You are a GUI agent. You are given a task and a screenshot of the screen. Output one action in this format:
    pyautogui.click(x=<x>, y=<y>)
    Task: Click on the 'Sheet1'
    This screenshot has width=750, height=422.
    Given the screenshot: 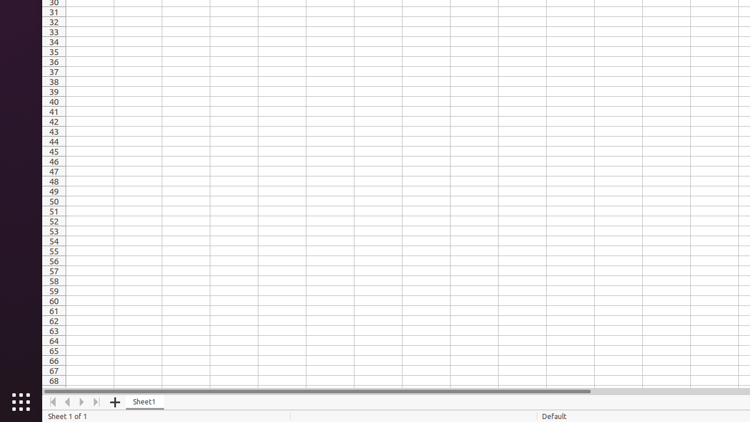 What is the action you would take?
    pyautogui.click(x=144, y=401)
    